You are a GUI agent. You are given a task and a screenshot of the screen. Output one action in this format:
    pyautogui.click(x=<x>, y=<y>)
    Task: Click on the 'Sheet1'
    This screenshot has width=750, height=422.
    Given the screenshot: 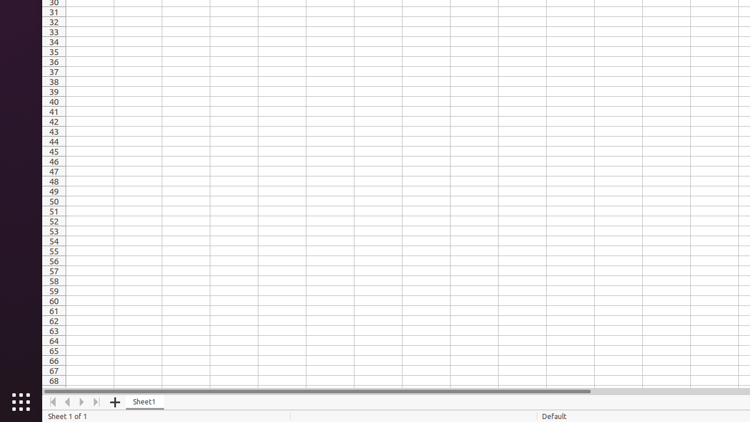 What is the action you would take?
    pyautogui.click(x=144, y=401)
    